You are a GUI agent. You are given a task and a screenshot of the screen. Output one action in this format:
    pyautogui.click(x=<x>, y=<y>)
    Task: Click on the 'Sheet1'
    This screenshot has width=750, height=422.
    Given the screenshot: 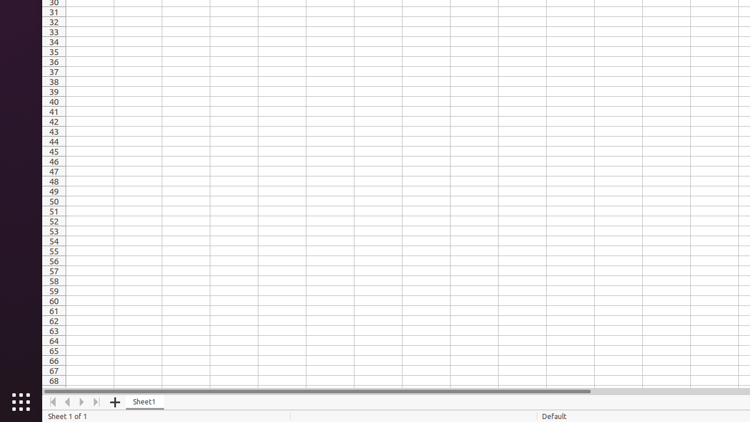 What is the action you would take?
    pyautogui.click(x=144, y=401)
    